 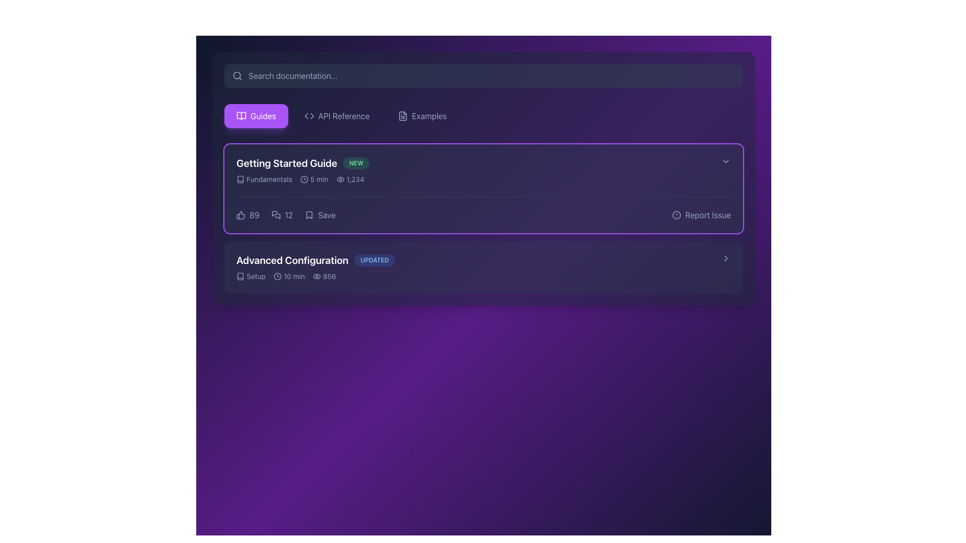 What do you see at coordinates (240, 277) in the screenshot?
I see `the icon that represents the 'Setup' section, which is positioned on the left side of the text label in a horizontal arrangement` at bounding box center [240, 277].